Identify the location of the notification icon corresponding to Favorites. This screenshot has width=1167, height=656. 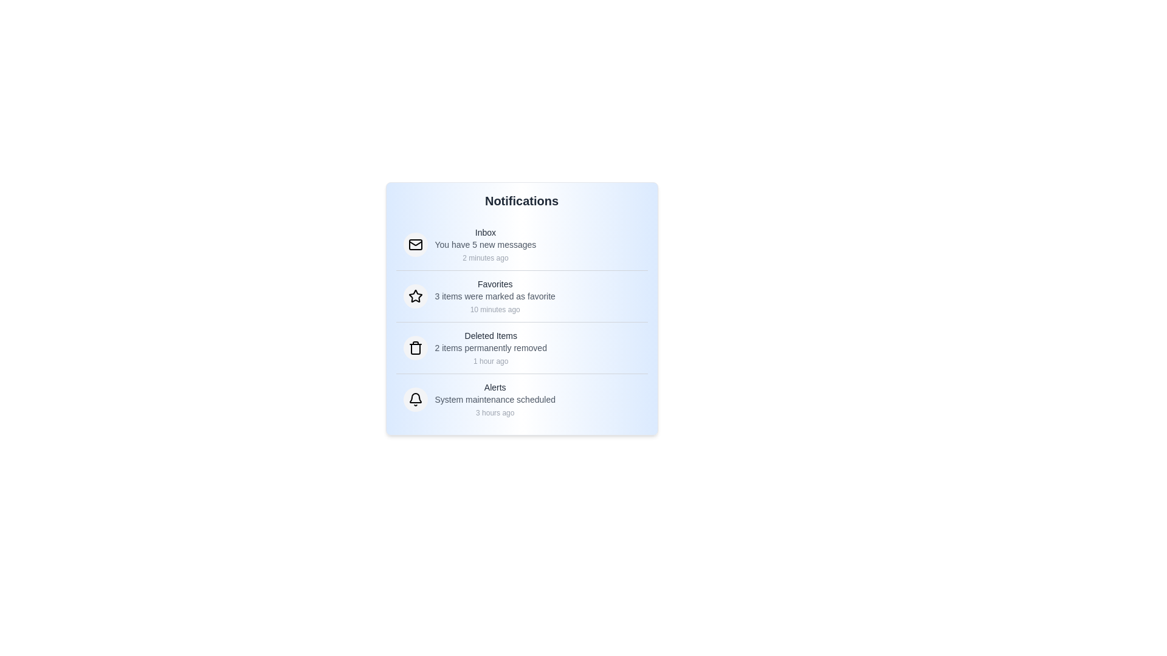
(415, 296).